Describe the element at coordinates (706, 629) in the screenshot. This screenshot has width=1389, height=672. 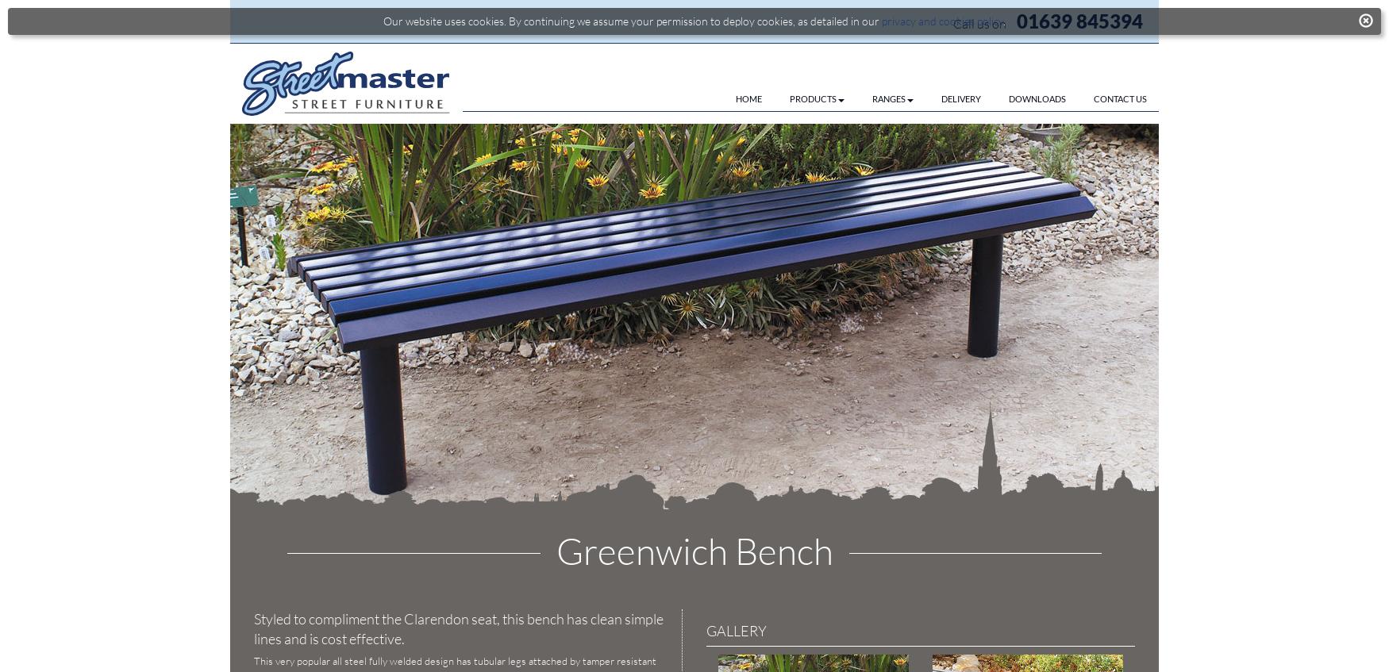
I see `'GALLERY'` at that location.